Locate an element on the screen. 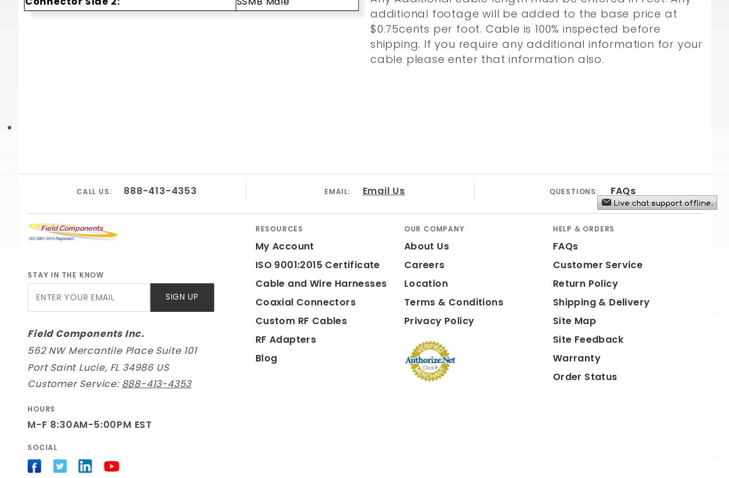 This screenshot has width=729, height=478. 'Sign Up' is located at coordinates (181, 297).